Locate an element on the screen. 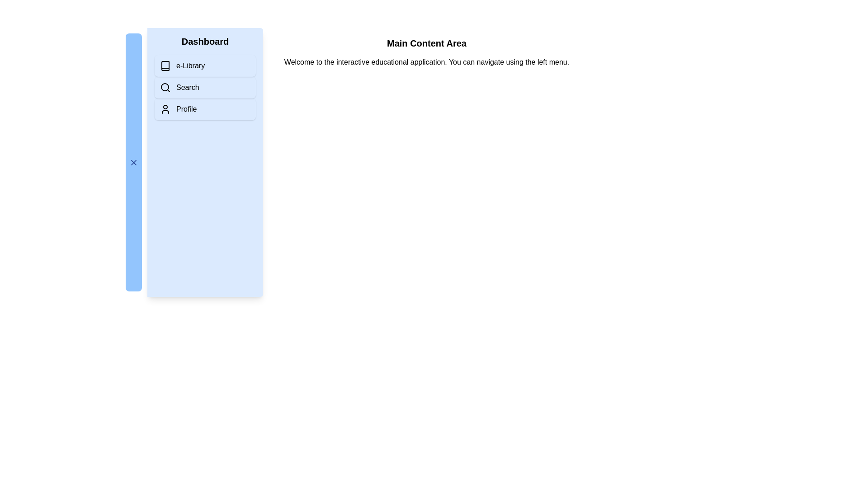 The height and width of the screenshot is (488, 868). the bold, large-text header that reads 'Main Content Area', which is located at the top of the main content section is located at coordinates (426, 43).